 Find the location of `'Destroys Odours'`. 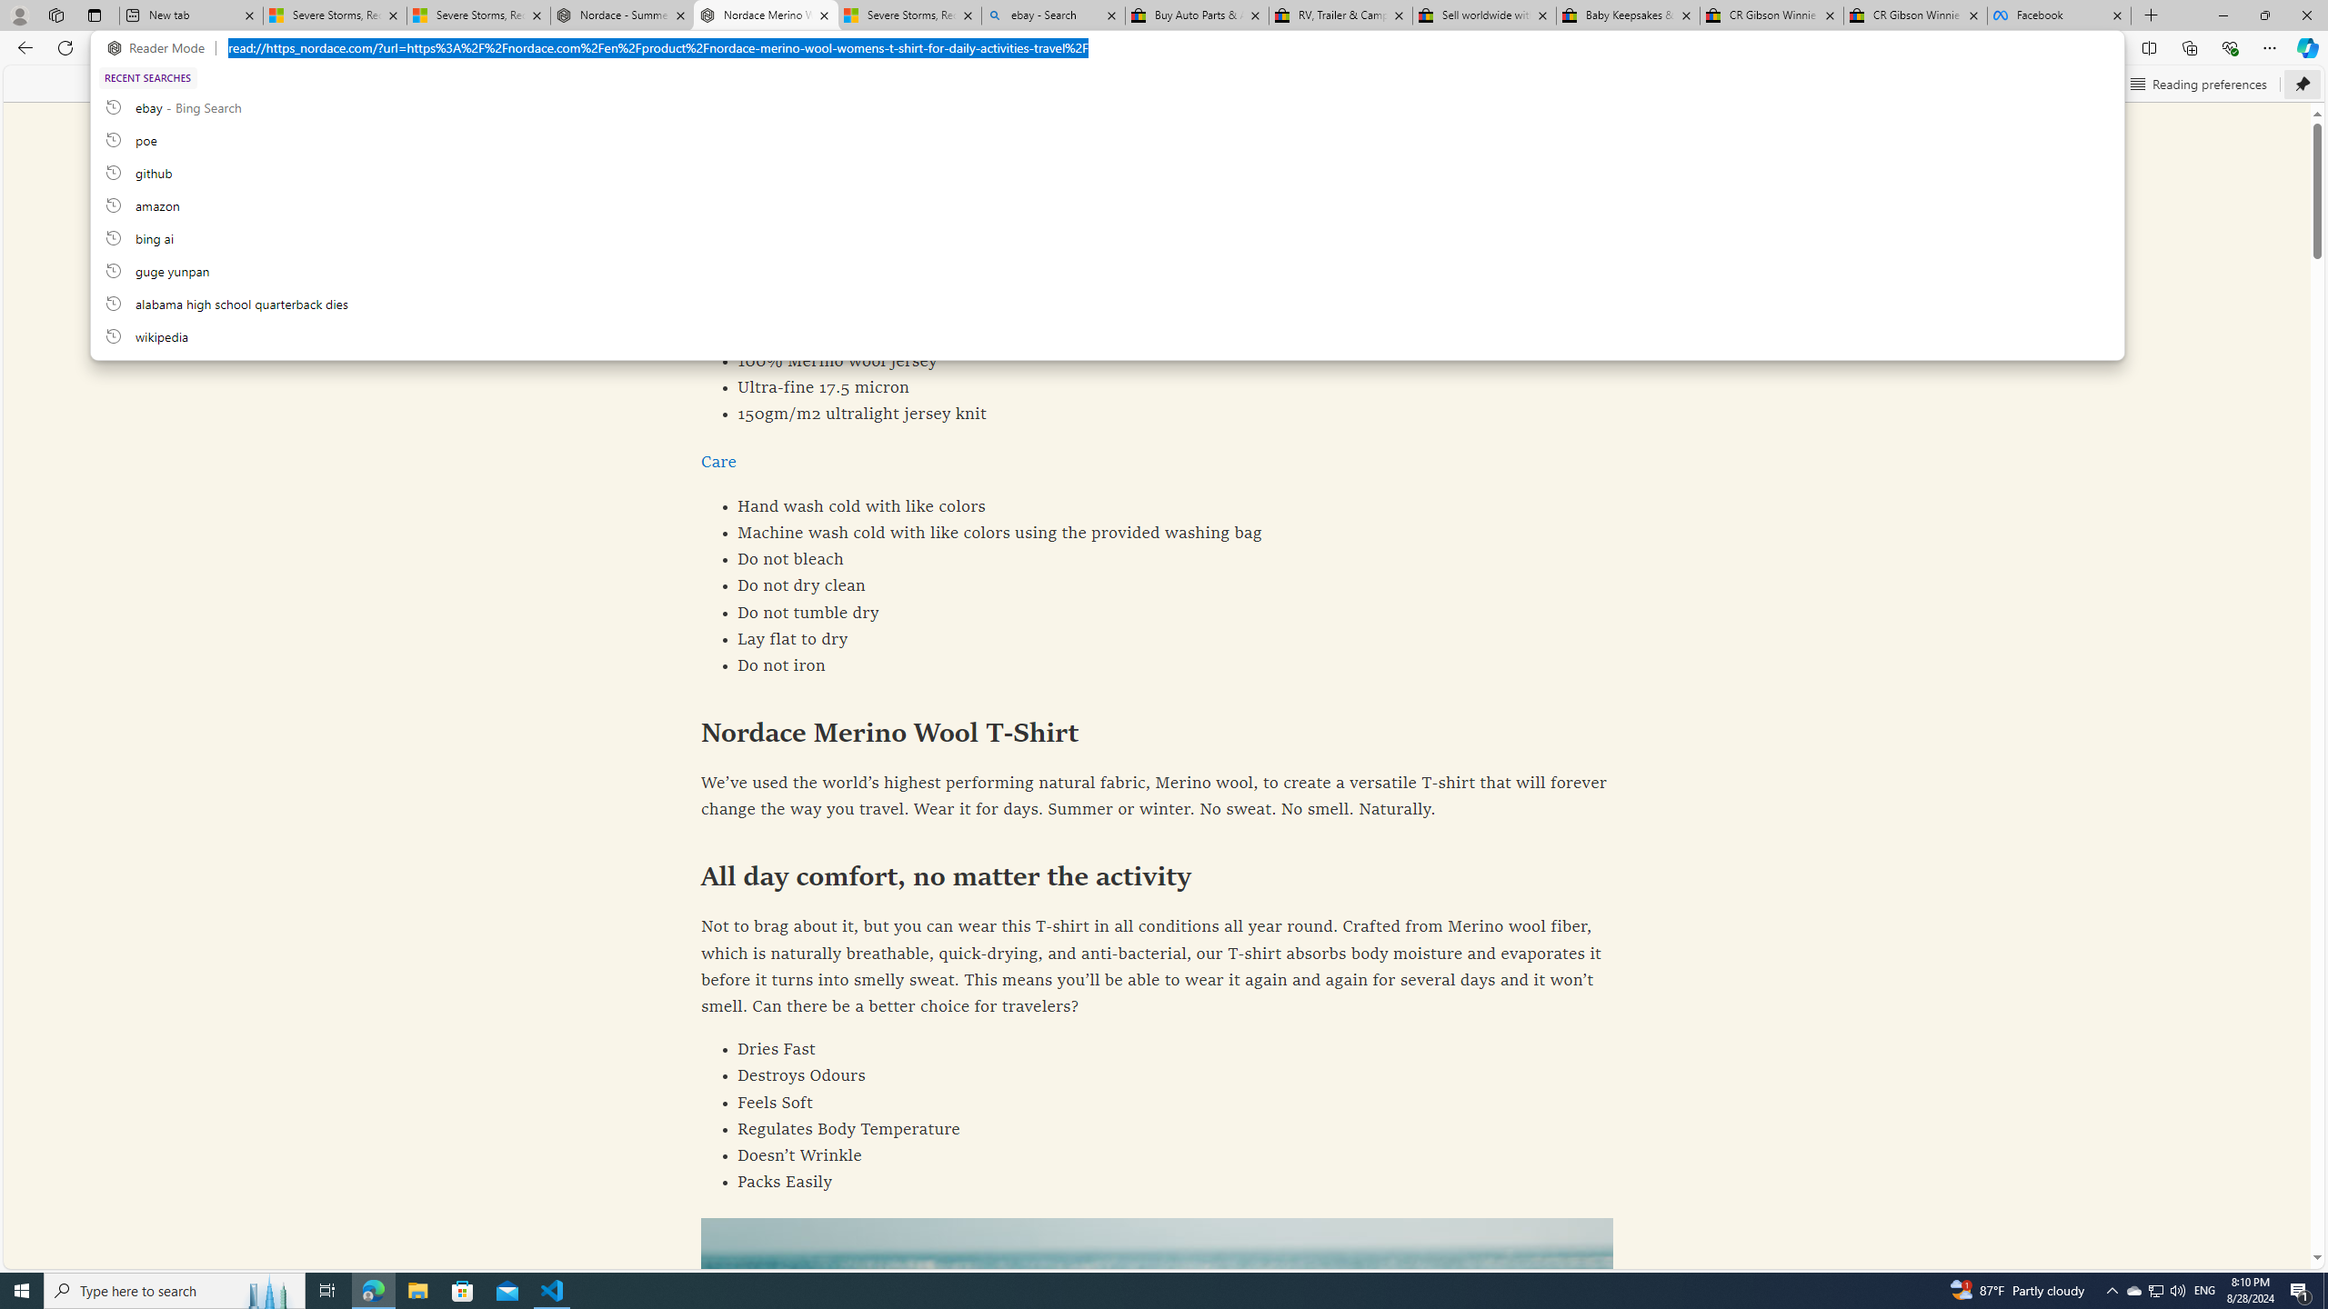

'Destroys Odours' is located at coordinates (1157, 1075).